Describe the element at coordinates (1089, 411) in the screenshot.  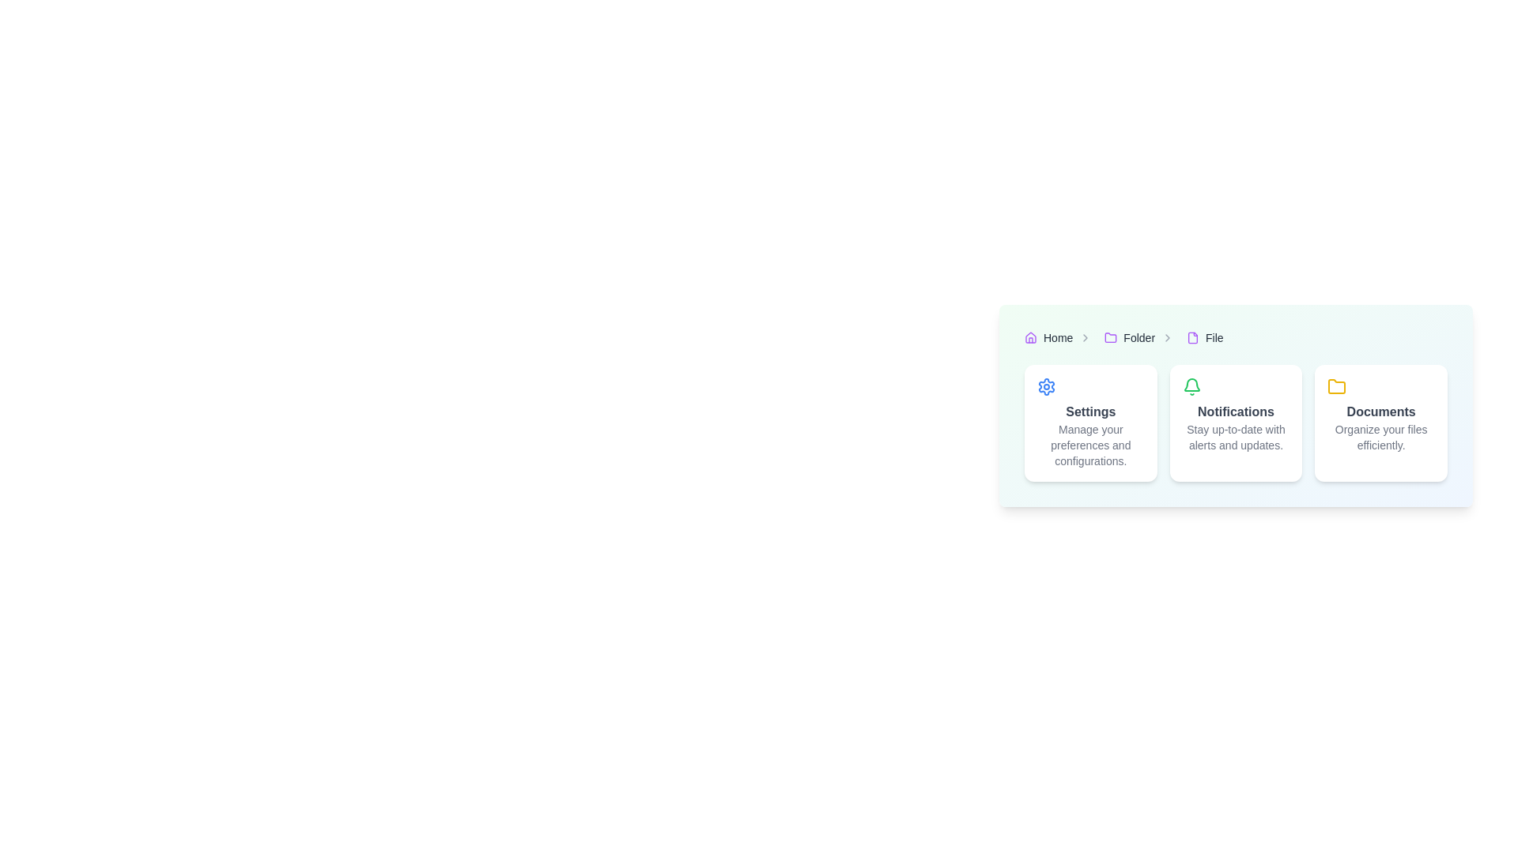
I see `contents of the 'Settings' text label, which is positioned within the first card among three horizontally aligned cards, slightly below a gear icon and above the description text` at that location.